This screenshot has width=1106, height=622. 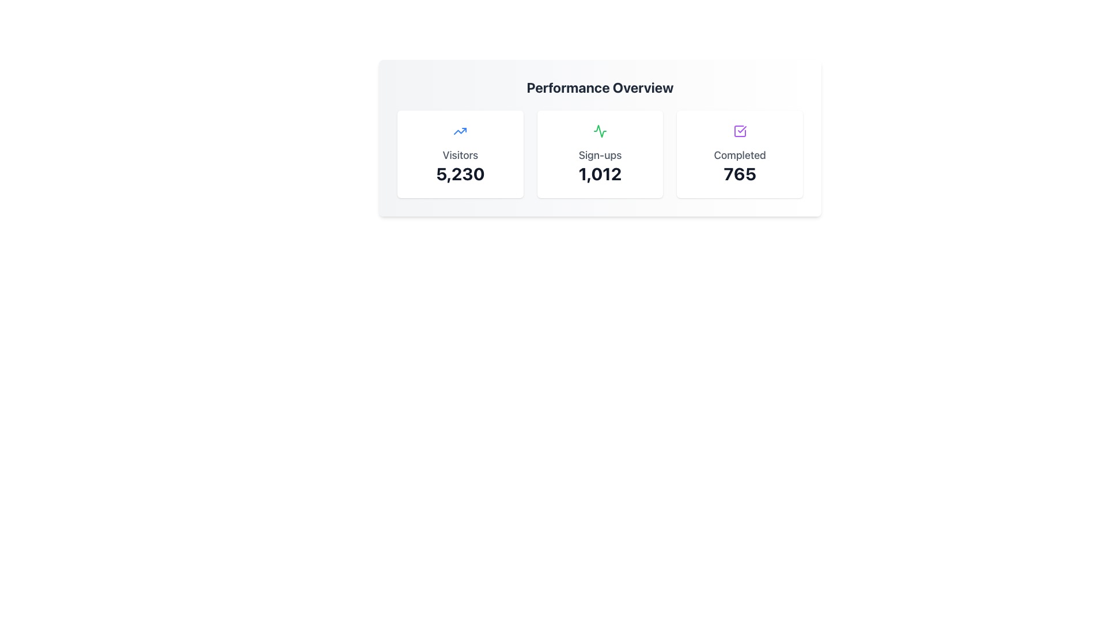 I want to click on the text label indicating the count of completed items in the 'Completed' section of the performance dashboard, so click(x=740, y=173).